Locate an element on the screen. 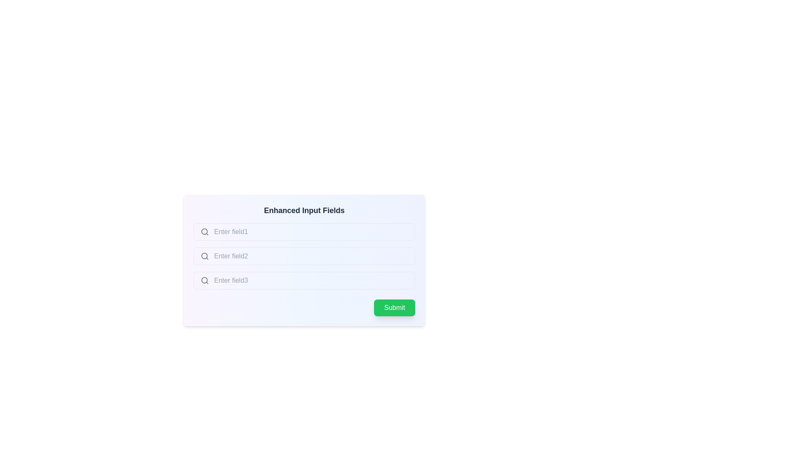 The width and height of the screenshot is (806, 453). the search icon (magnifying glass) located to the left of the first input field in the 'Enhanced Input Fields' section is located at coordinates (205, 232).